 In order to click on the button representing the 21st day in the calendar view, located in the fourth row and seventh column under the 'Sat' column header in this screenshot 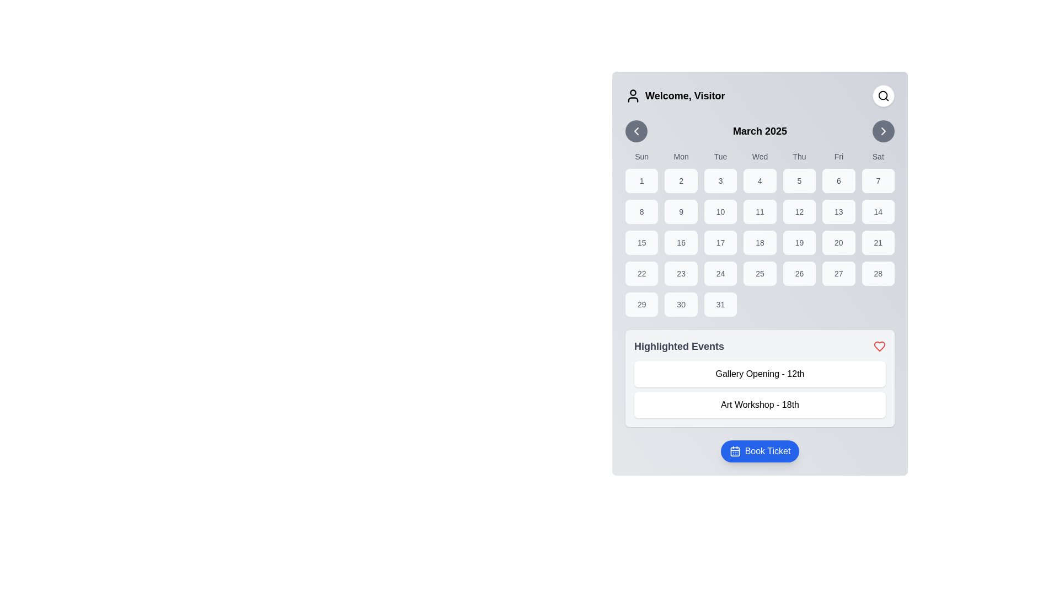, I will do `click(878, 242)`.